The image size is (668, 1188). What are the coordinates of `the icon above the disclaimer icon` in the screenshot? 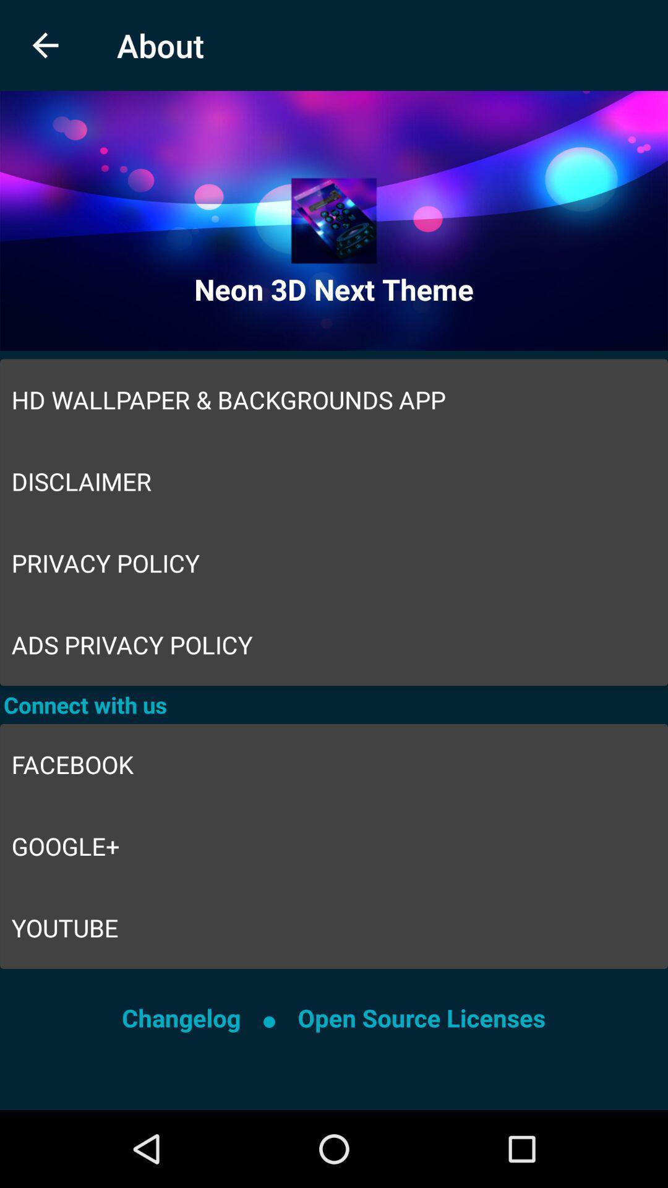 It's located at (334, 400).